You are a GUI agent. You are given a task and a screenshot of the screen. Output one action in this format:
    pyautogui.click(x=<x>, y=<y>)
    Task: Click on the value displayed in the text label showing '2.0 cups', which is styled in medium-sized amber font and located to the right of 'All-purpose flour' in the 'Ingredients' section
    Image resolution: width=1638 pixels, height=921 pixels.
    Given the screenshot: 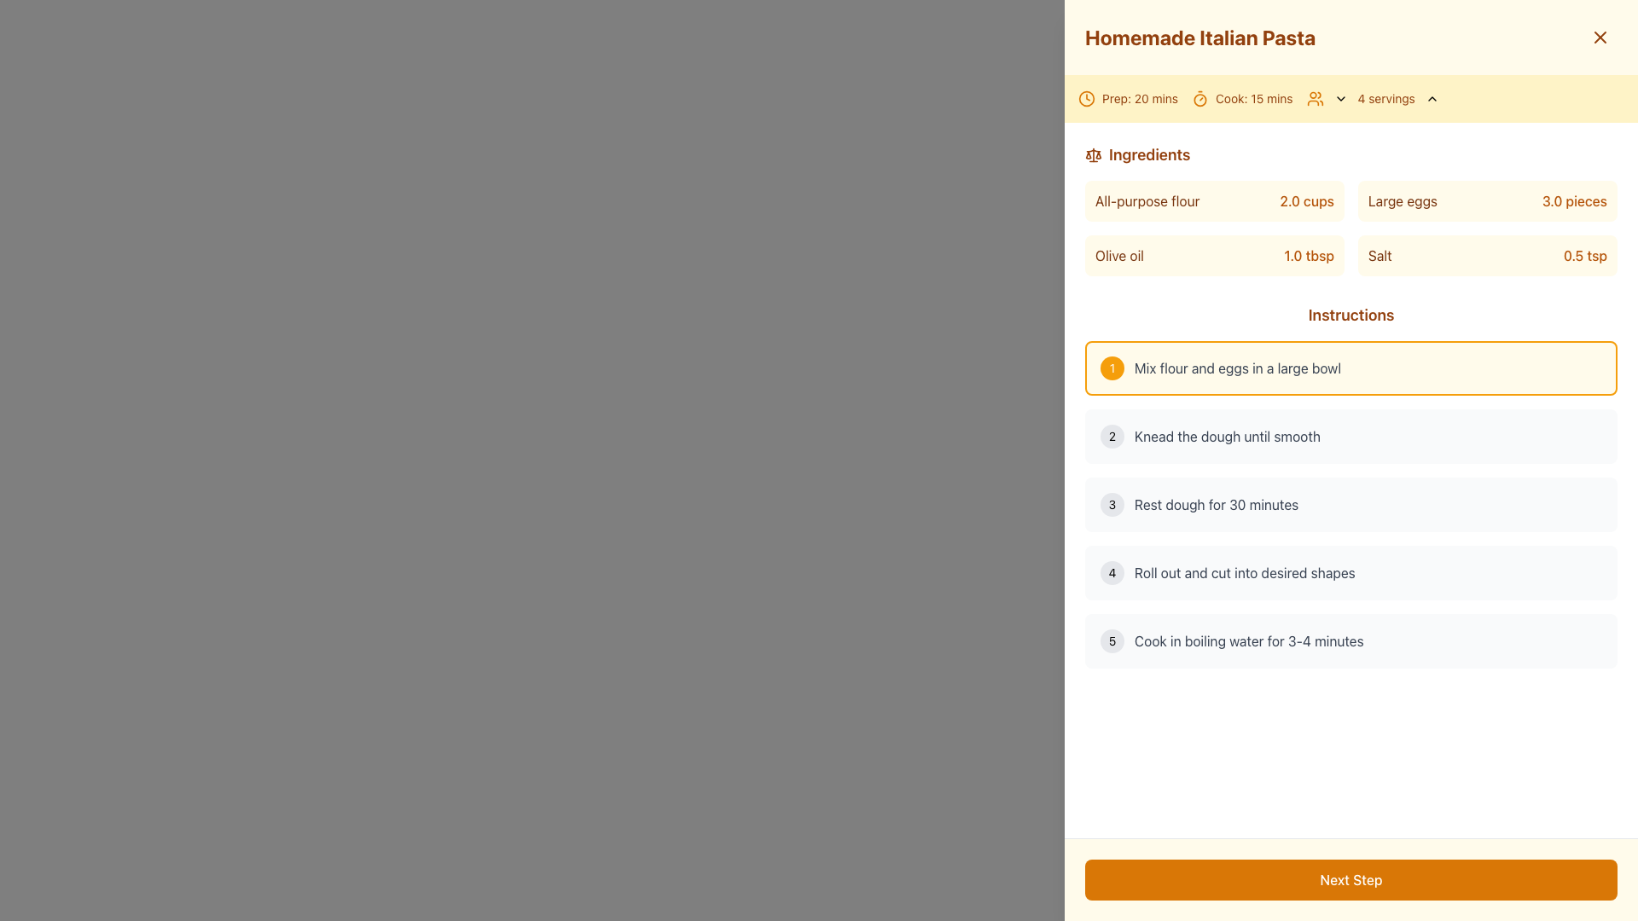 What is the action you would take?
    pyautogui.click(x=1306, y=200)
    